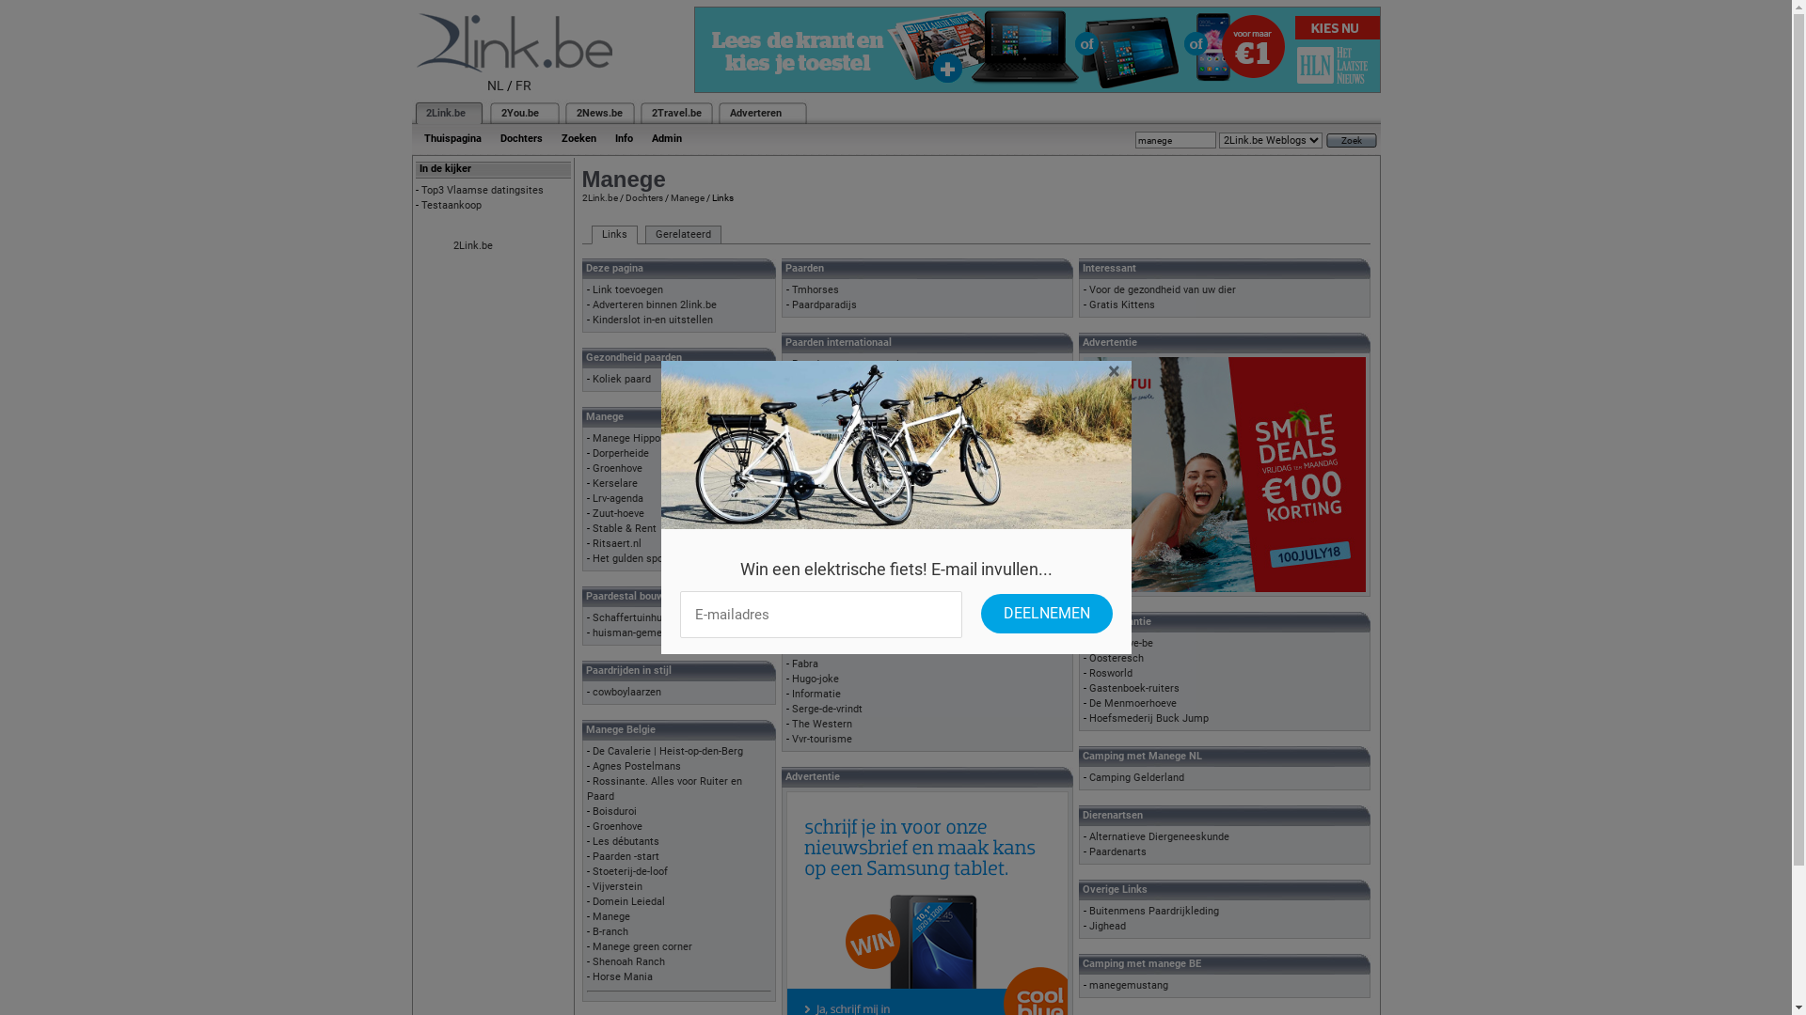 The image size is (1806, 1015). What do you see at coordinates (1325, 139) in the screenshot?
I see `'Zoek'` at bounding box center [1325, 139].